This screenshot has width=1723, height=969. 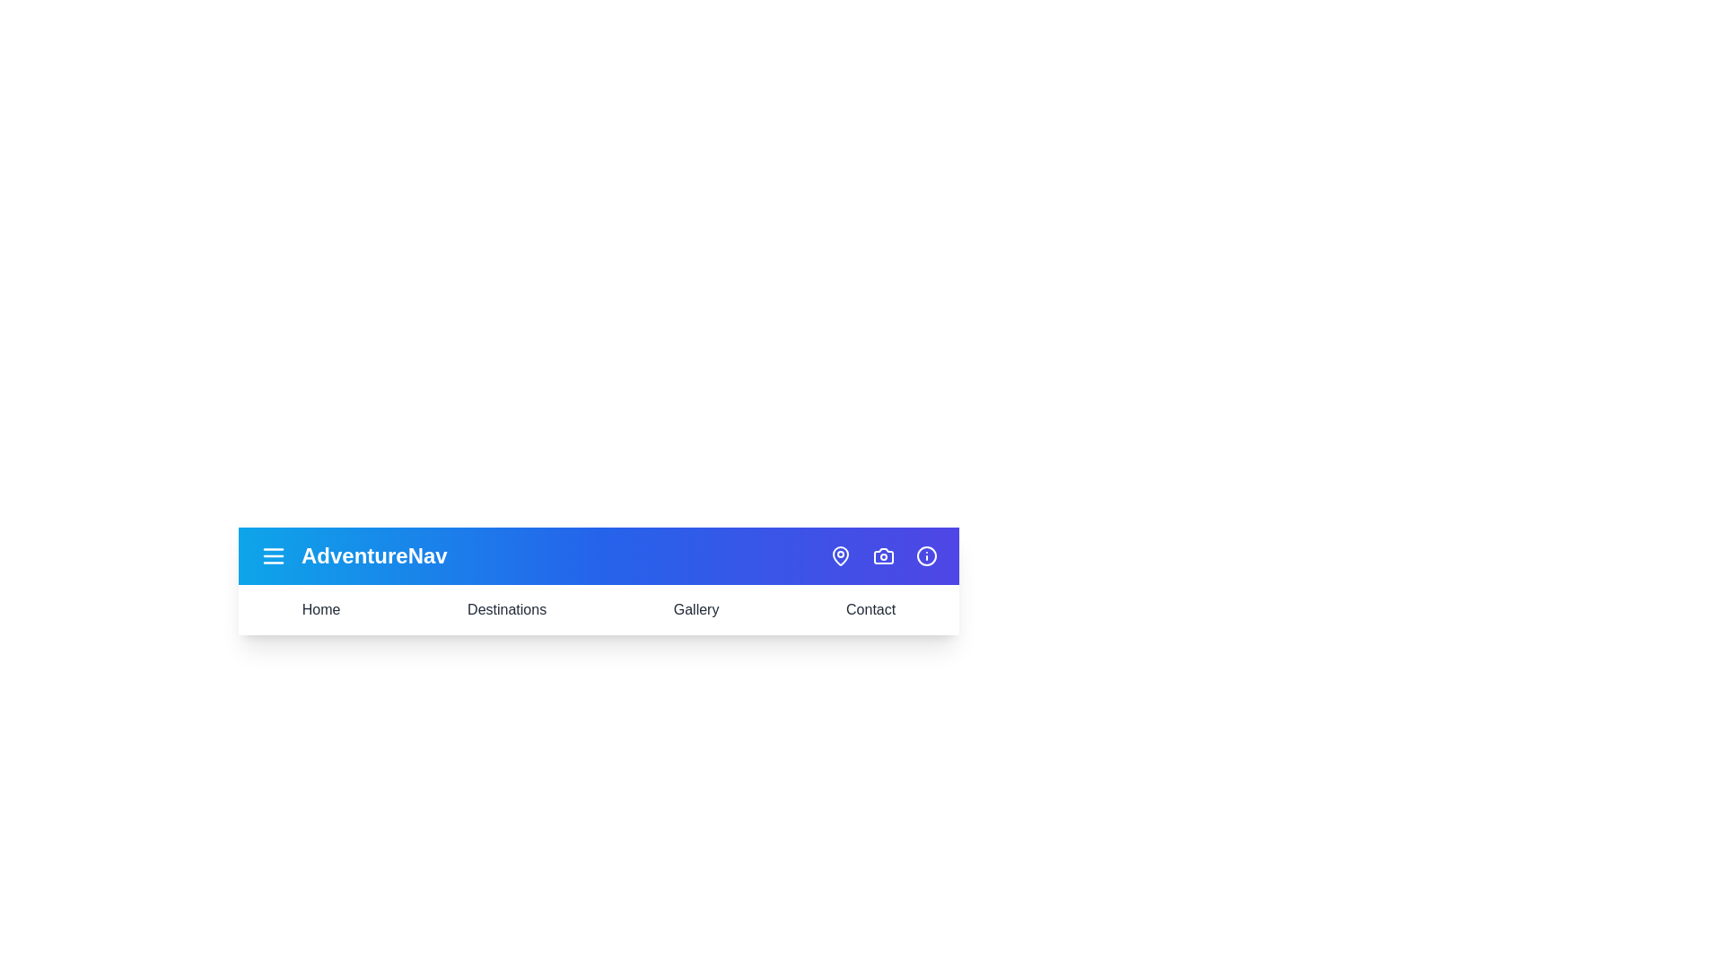 I want to click on the text of the element Contact for copying or inspection, so click(x=870, y=608).